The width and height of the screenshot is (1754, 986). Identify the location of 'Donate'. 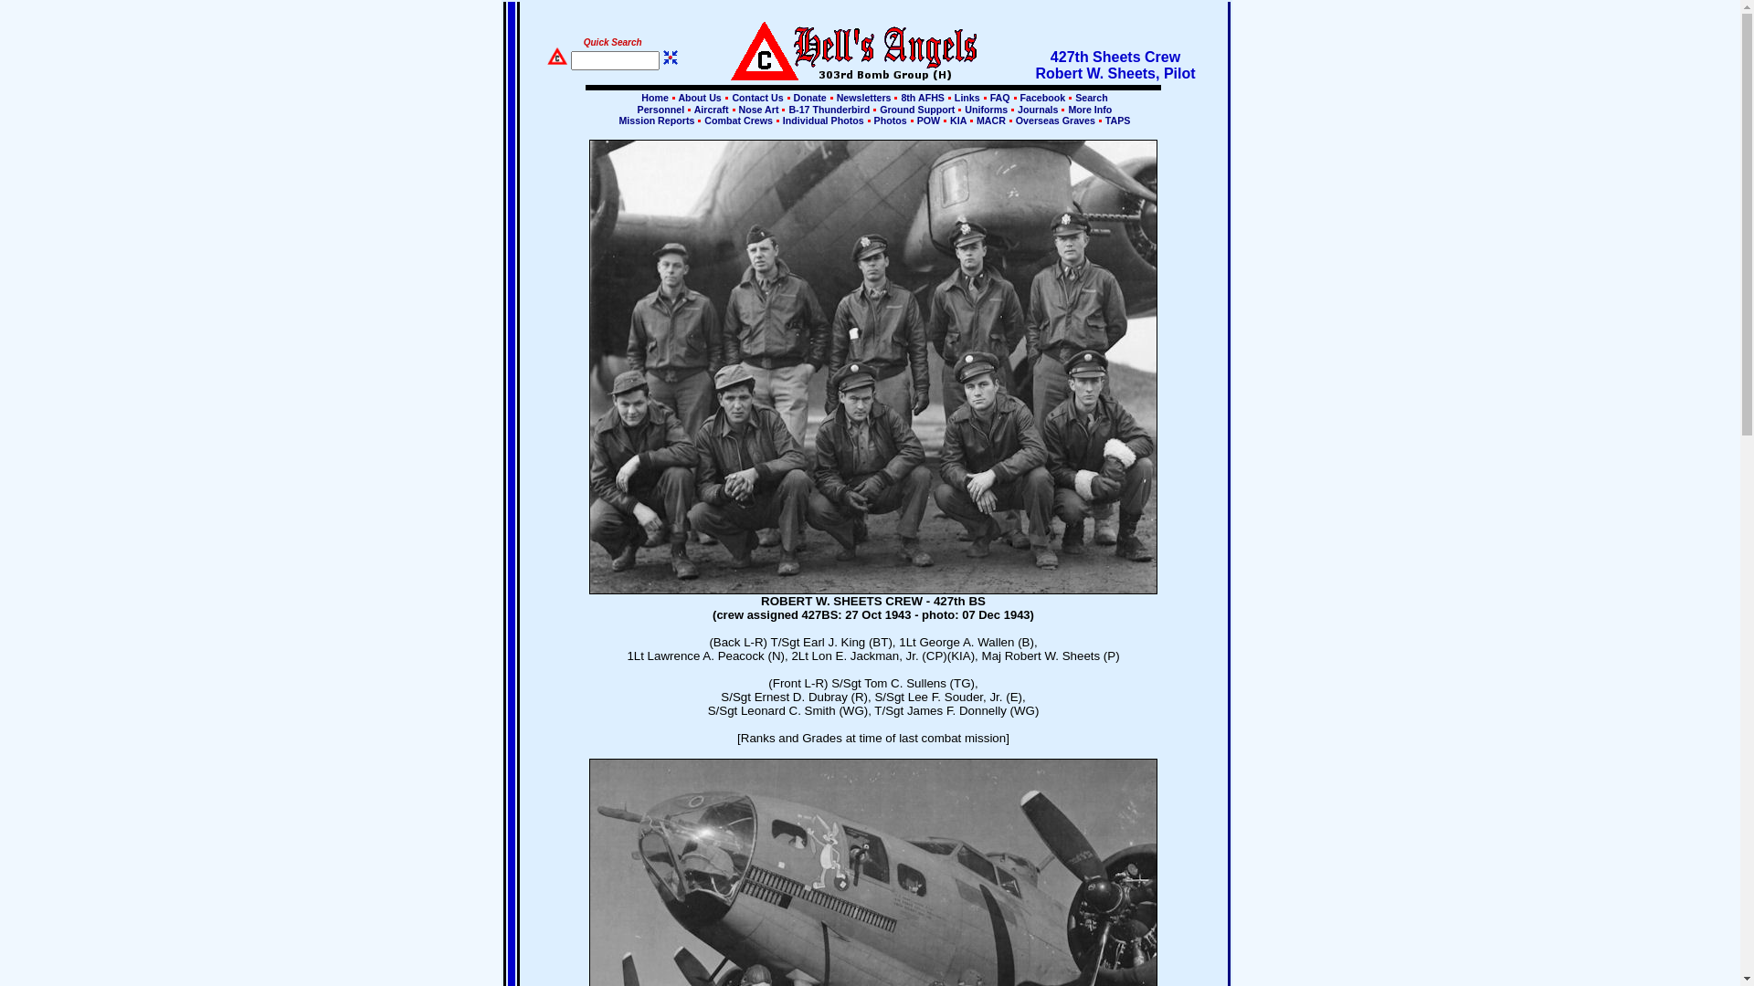
(809, 98).